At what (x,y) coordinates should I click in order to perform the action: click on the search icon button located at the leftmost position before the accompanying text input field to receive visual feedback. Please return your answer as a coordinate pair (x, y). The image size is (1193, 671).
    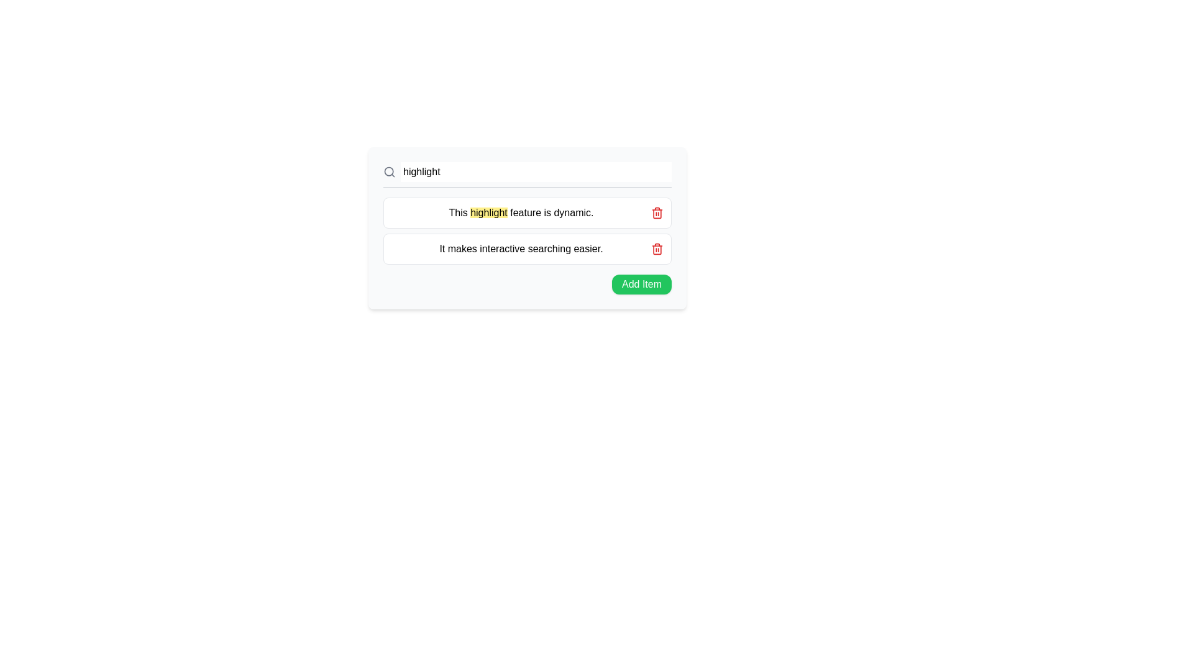
    Looking at the image, I should click on (389, 172).